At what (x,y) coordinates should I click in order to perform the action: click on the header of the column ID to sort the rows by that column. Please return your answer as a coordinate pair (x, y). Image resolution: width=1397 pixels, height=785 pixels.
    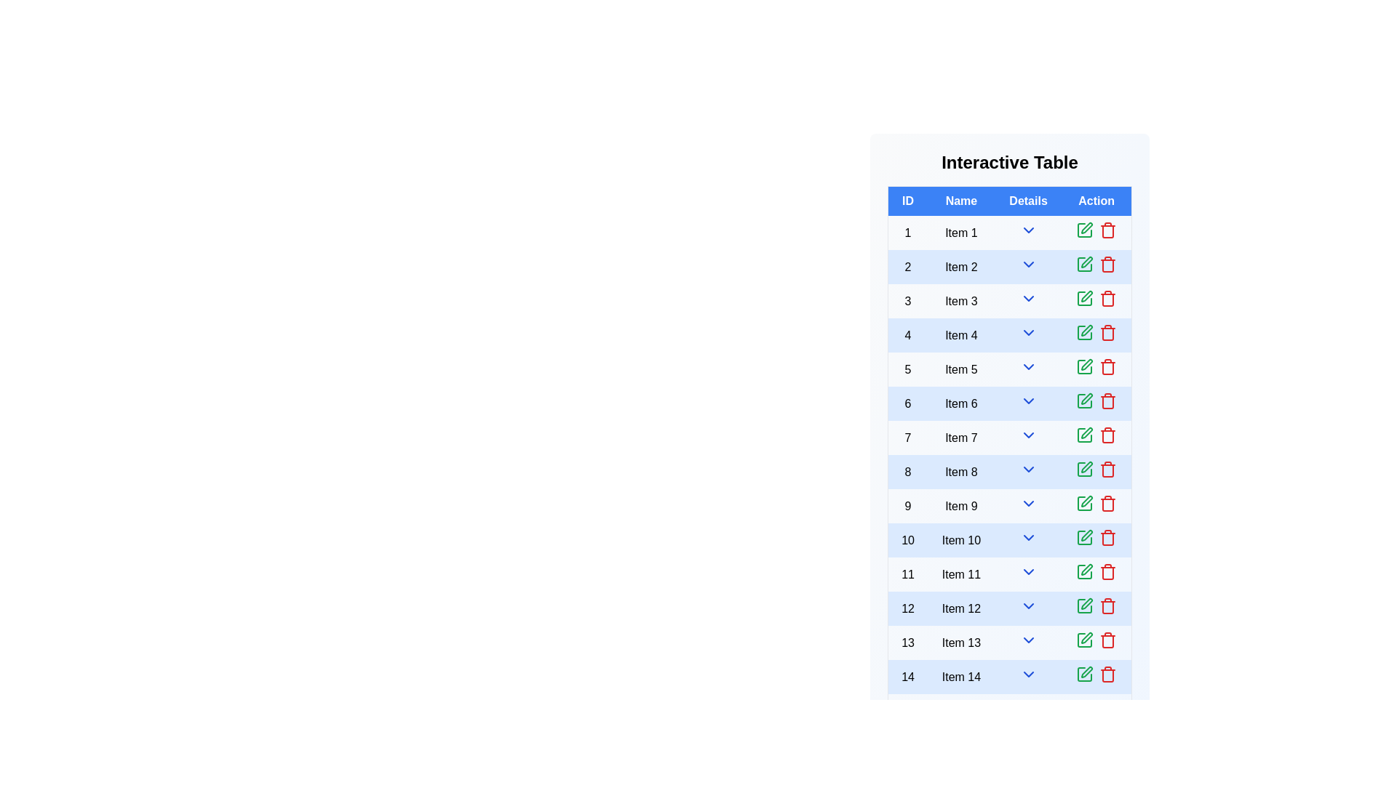
    Looking at the image, I should click on (907, 201).